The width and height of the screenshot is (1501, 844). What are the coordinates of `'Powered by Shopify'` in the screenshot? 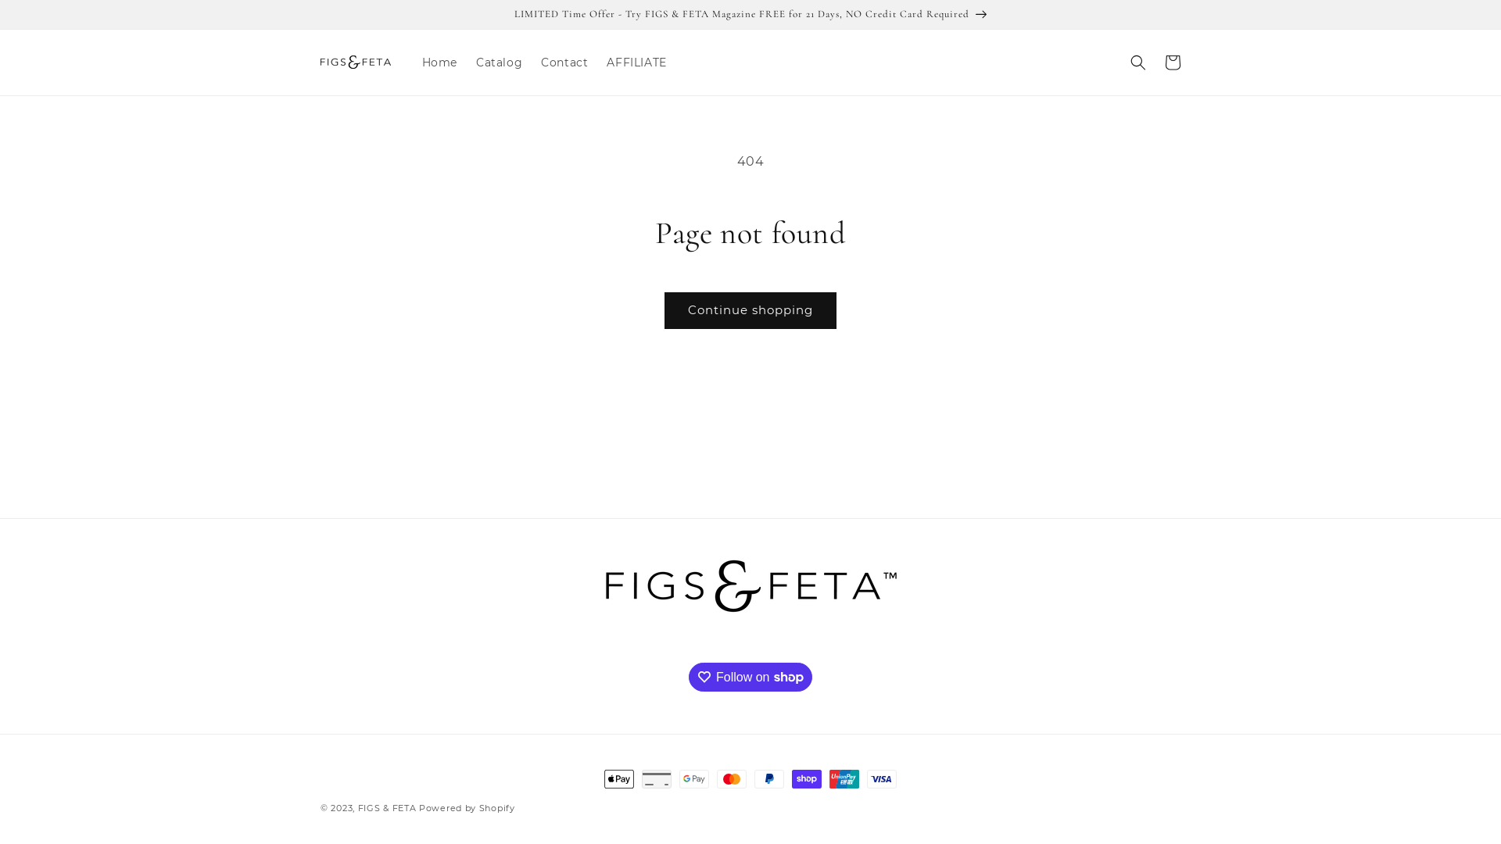 It's located at (466, 807).